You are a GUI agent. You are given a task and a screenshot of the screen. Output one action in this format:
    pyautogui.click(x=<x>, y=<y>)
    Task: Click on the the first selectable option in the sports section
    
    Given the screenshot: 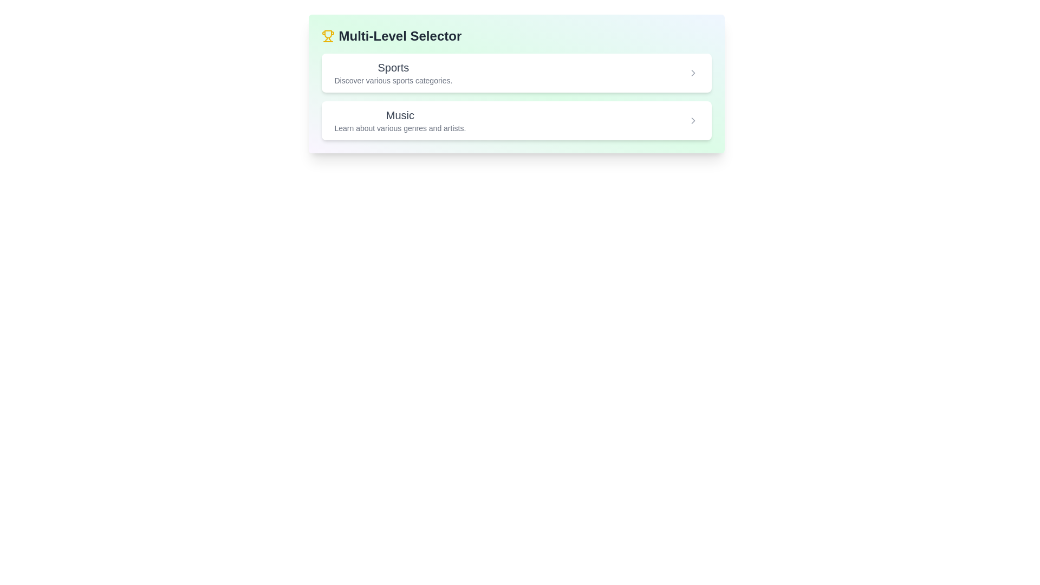 What is the action you would take?
    pyautogui.click(x=516, y=73)
    